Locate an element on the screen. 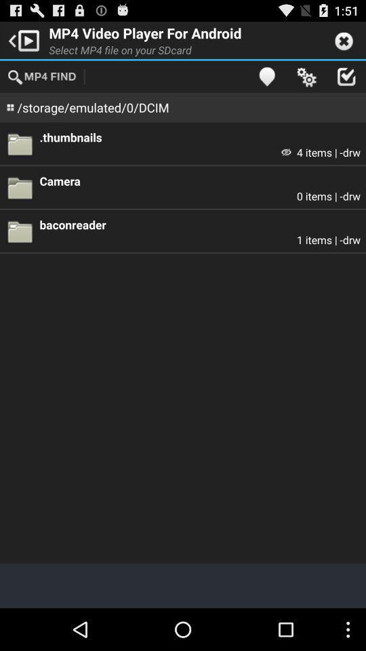  item above the .thumbnails item is located at coordinates (346, 76).